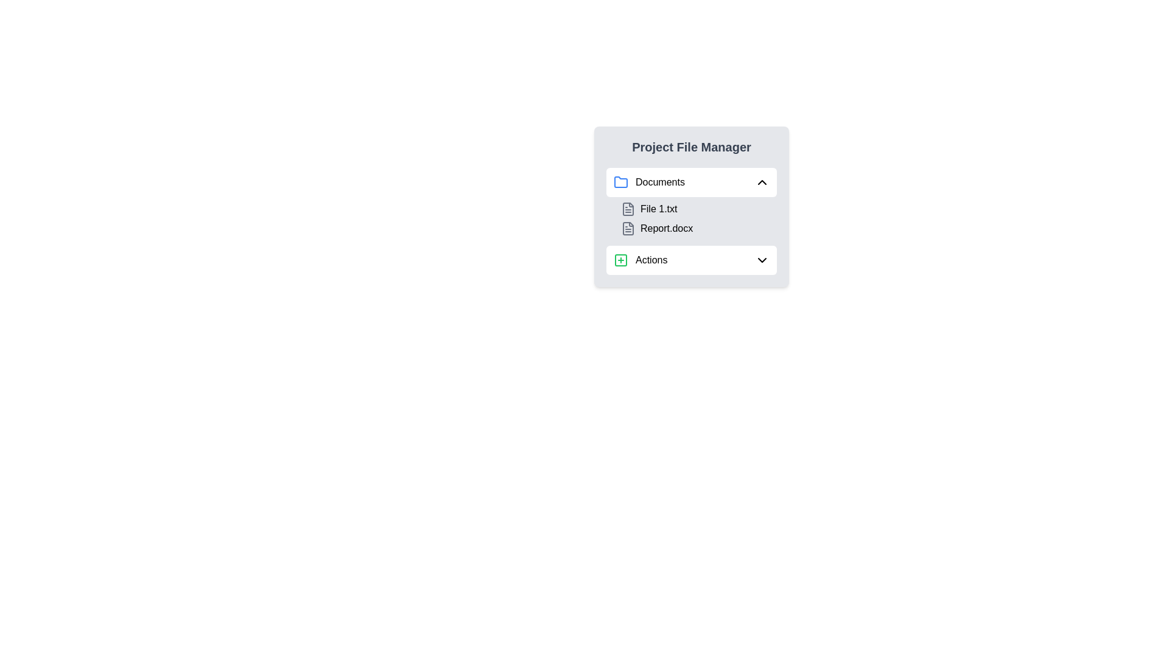 Image resolution: width=1169 pixels, height=657 pixels. What do you see at coordinates (620, 182) in the screenshot?
I see `the 'Documents' icon located to the left of the 'Documents' label in the 'Project File Manager' interface` at bounding box center [620, 182].